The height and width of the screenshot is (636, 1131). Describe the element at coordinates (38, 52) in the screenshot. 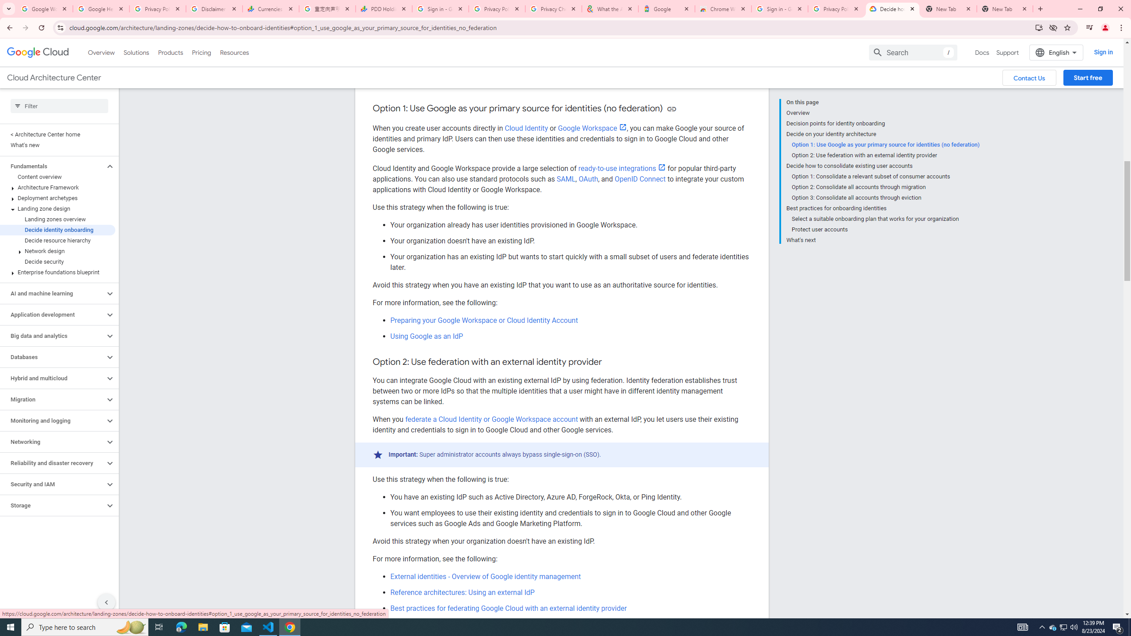

I see `'Google Cloud'` at that location.